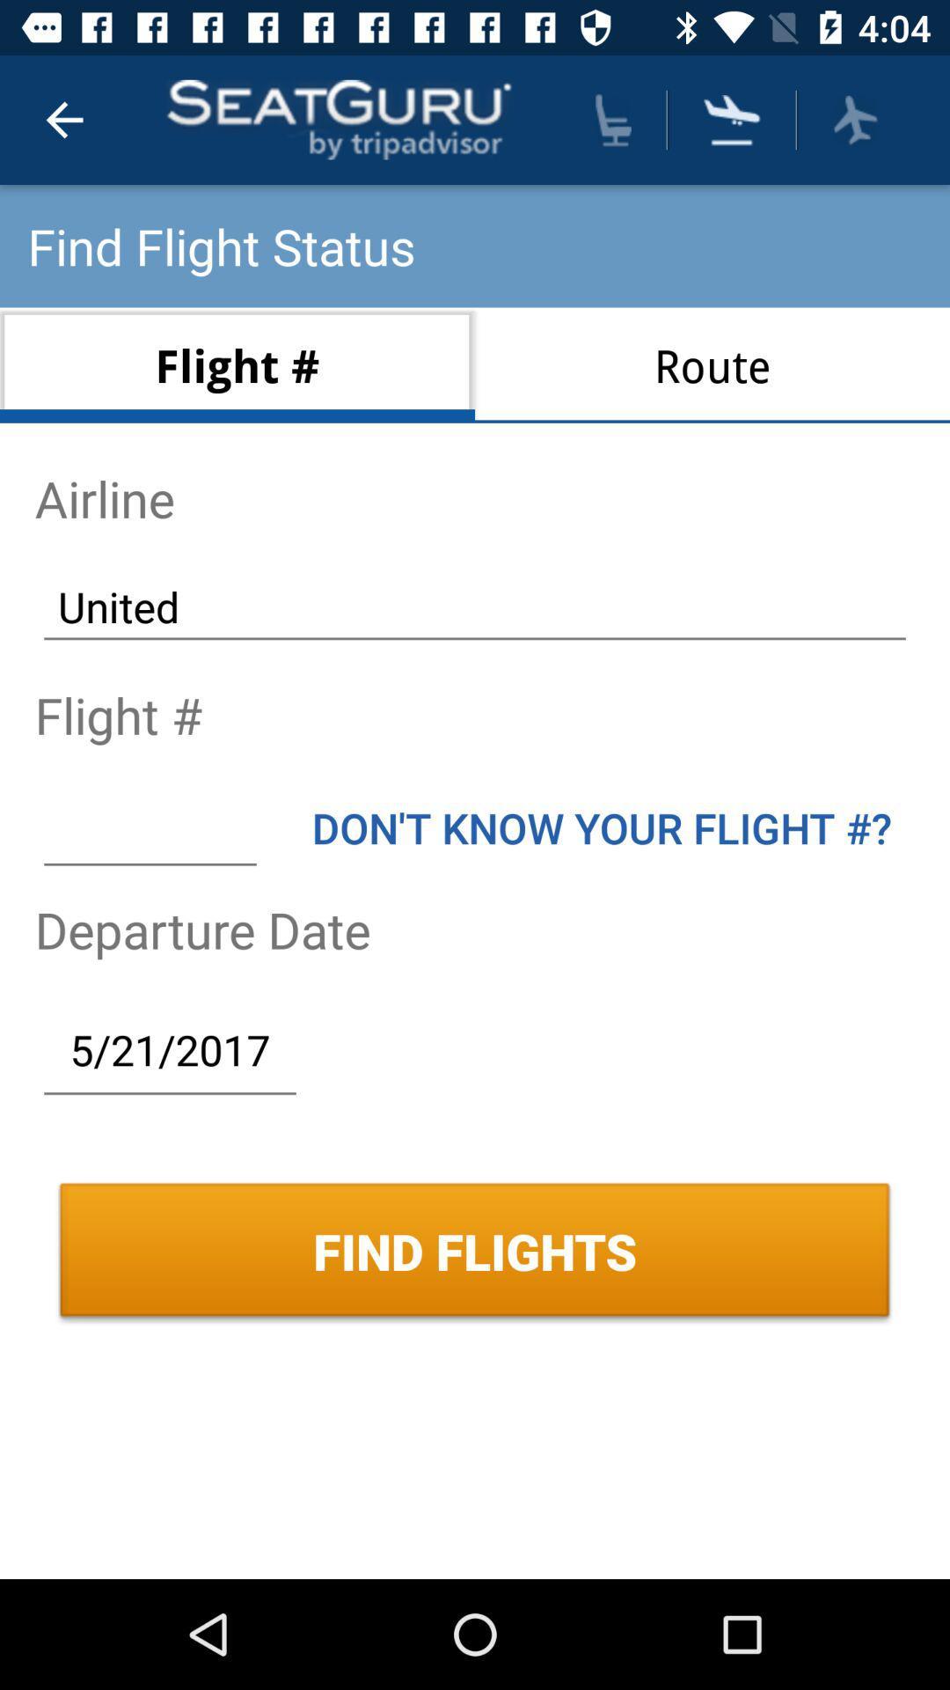 Image resolution: width=950 pixels, height=1690 pixels. I want to click on seats, so click(612, 119).